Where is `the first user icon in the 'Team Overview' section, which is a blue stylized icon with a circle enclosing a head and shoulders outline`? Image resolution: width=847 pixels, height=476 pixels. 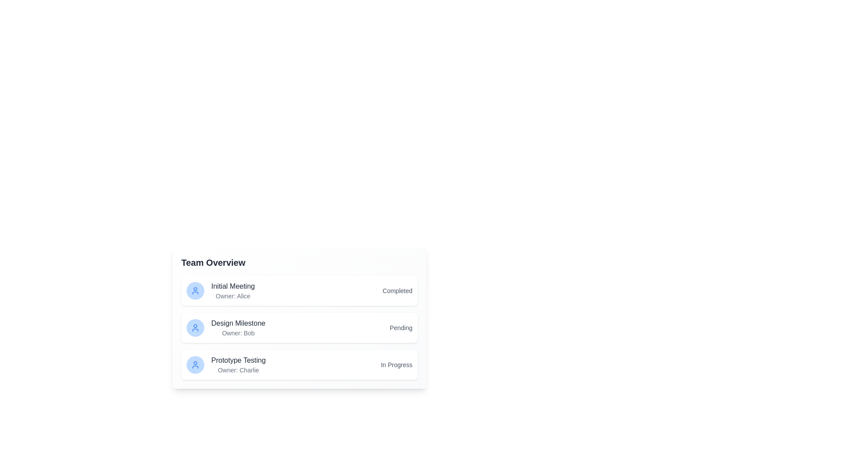
the first user icon in the 'Team Overview' section, which is a blue stylized icon with a circle enclosing a head and shoulders outline is located at coordinates (195, 290).